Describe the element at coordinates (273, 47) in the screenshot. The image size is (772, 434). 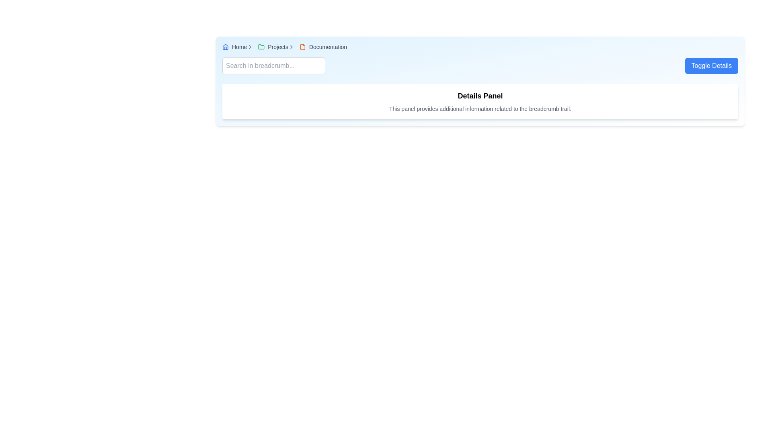
I see `the 'Projects' anchor link in the breadcrumb navigation bar` at that location.